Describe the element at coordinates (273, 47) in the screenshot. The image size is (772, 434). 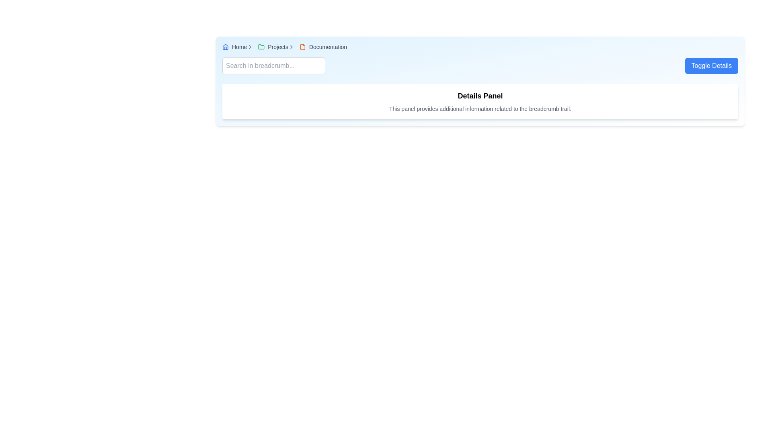
I see `the 'Projects' anchor link in the breadcrumb navigation bar` at that location.